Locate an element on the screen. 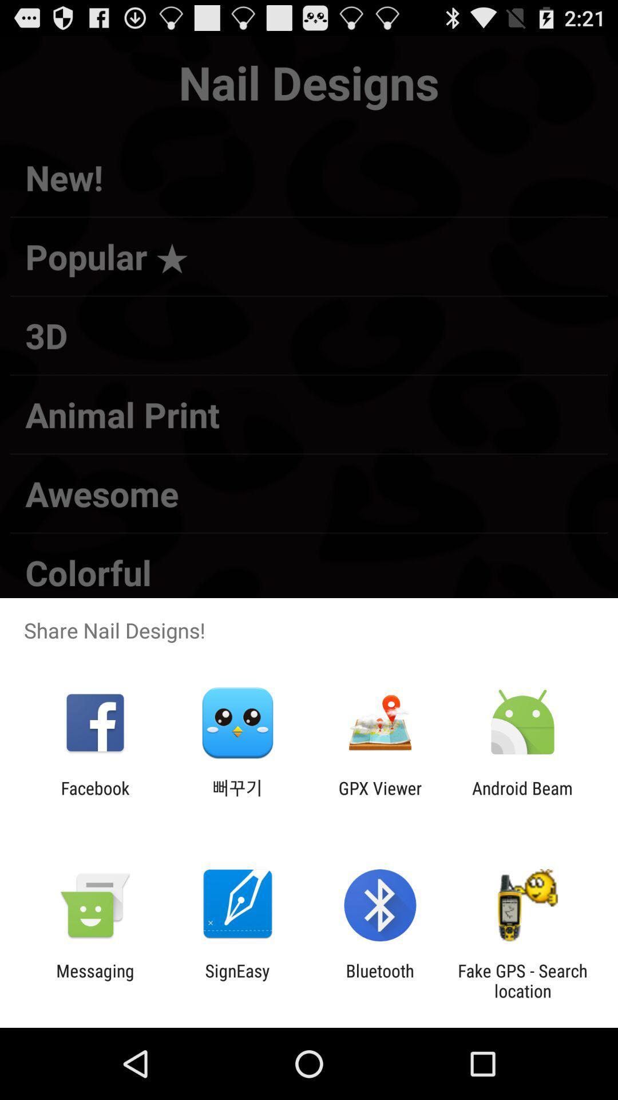 Image resolution: width=618 pixels, height=1100 pixels. the android beam is located at coordinates (522, 797).